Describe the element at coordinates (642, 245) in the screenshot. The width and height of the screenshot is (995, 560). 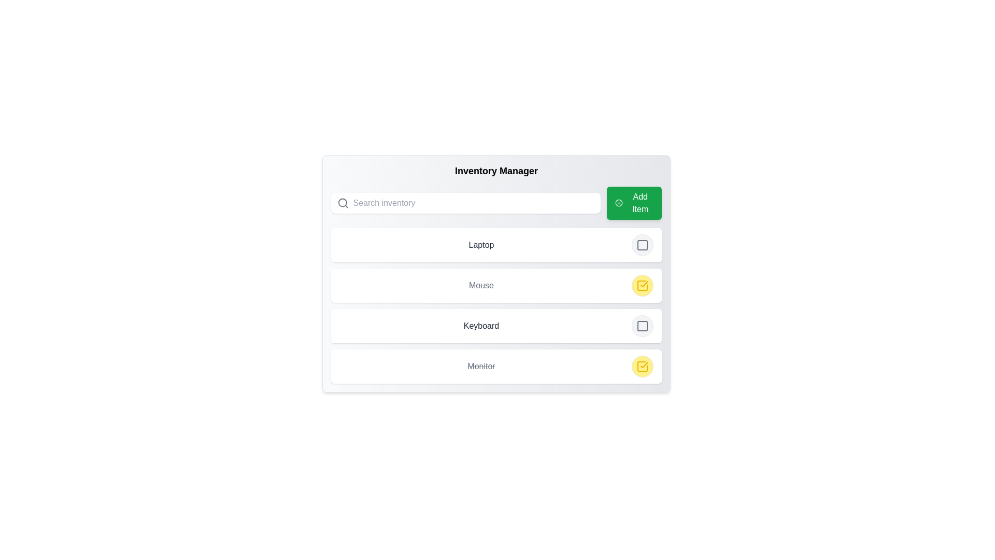
I see `the interactive button located at the top-right corner of the 'Laptop' list item` at that location.